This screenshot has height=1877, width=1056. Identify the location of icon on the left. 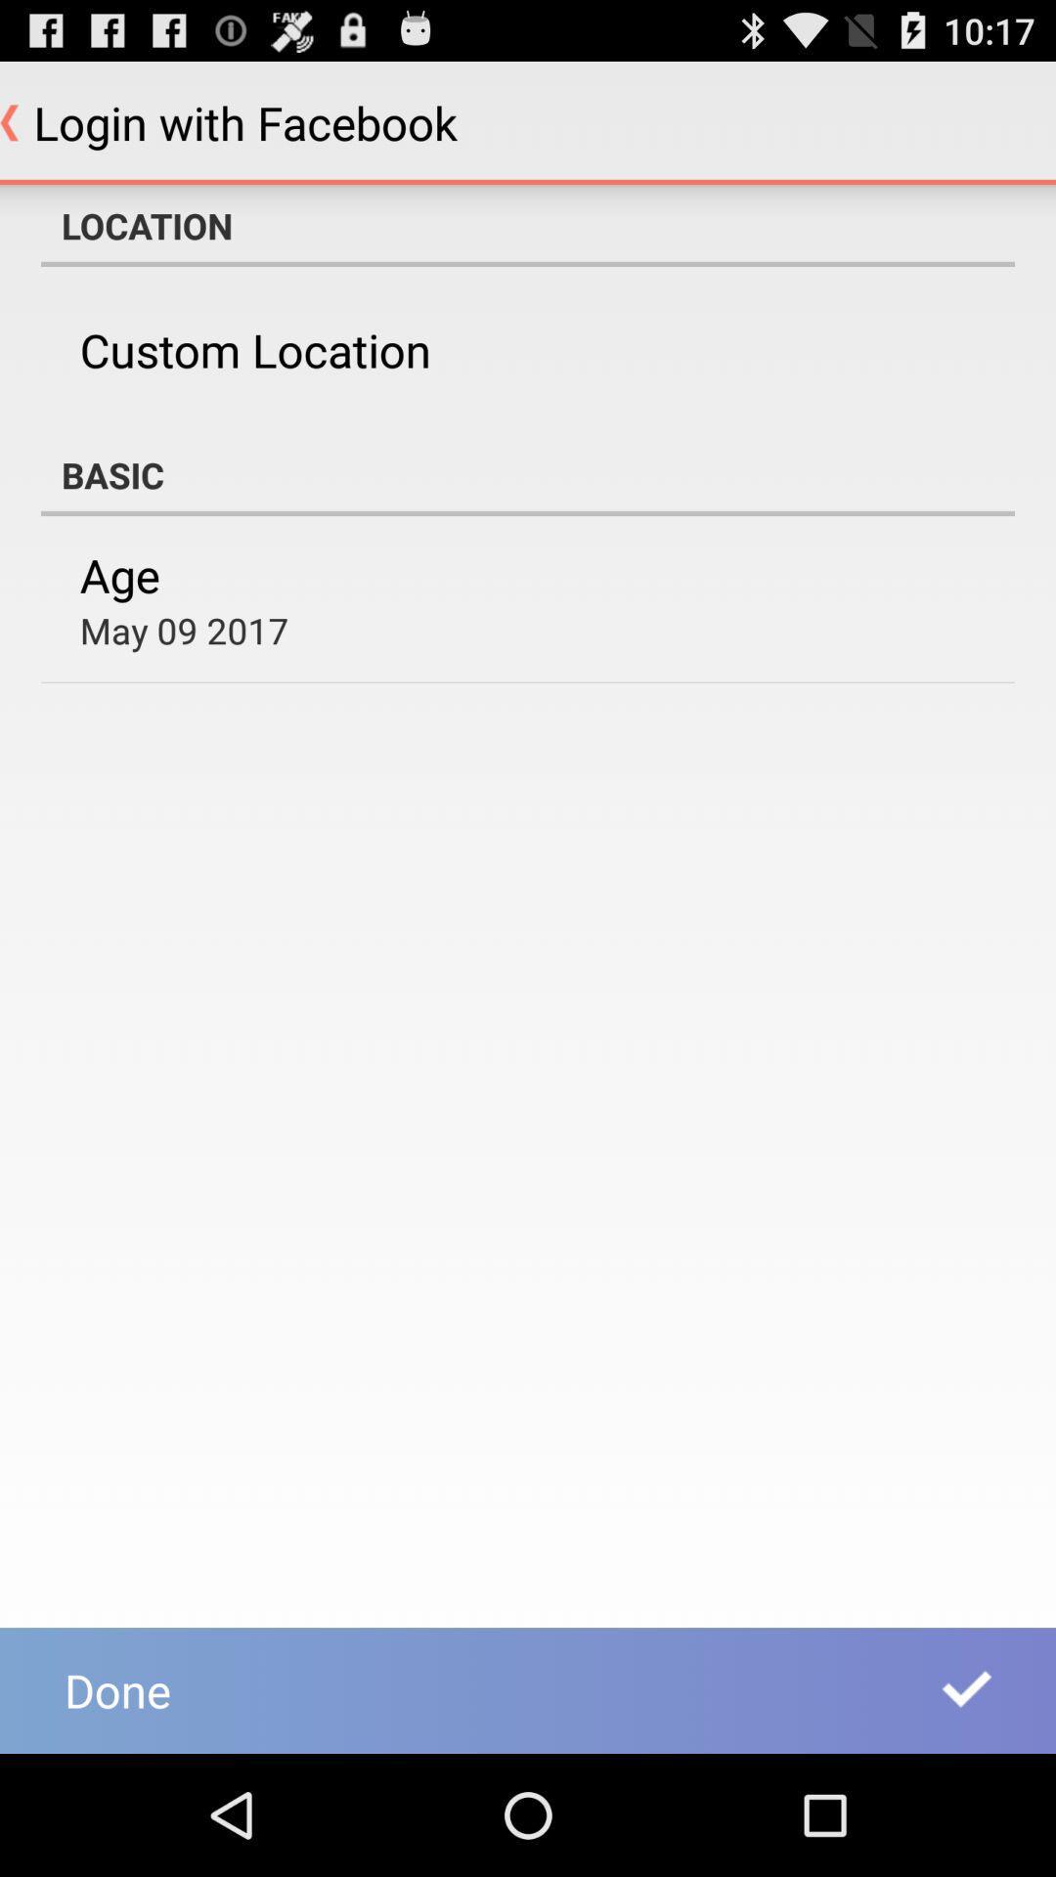
(184, 630).